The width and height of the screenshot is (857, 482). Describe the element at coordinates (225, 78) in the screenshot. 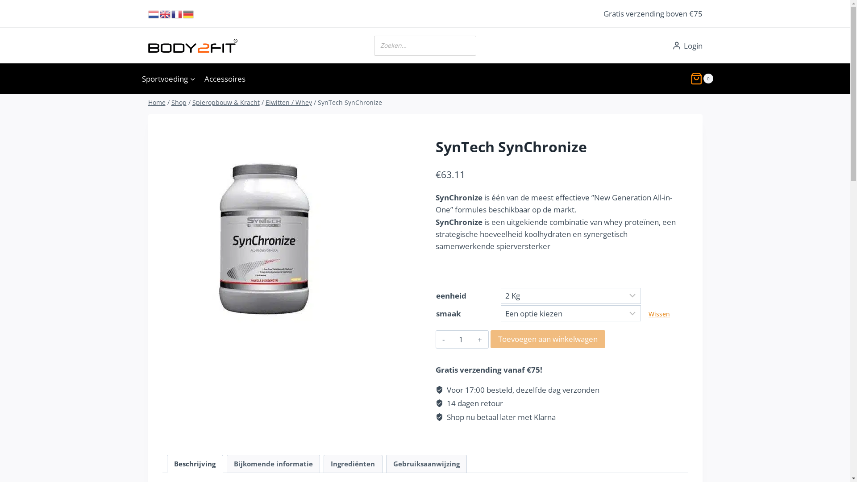

I see `'Accessoires'` at that location.